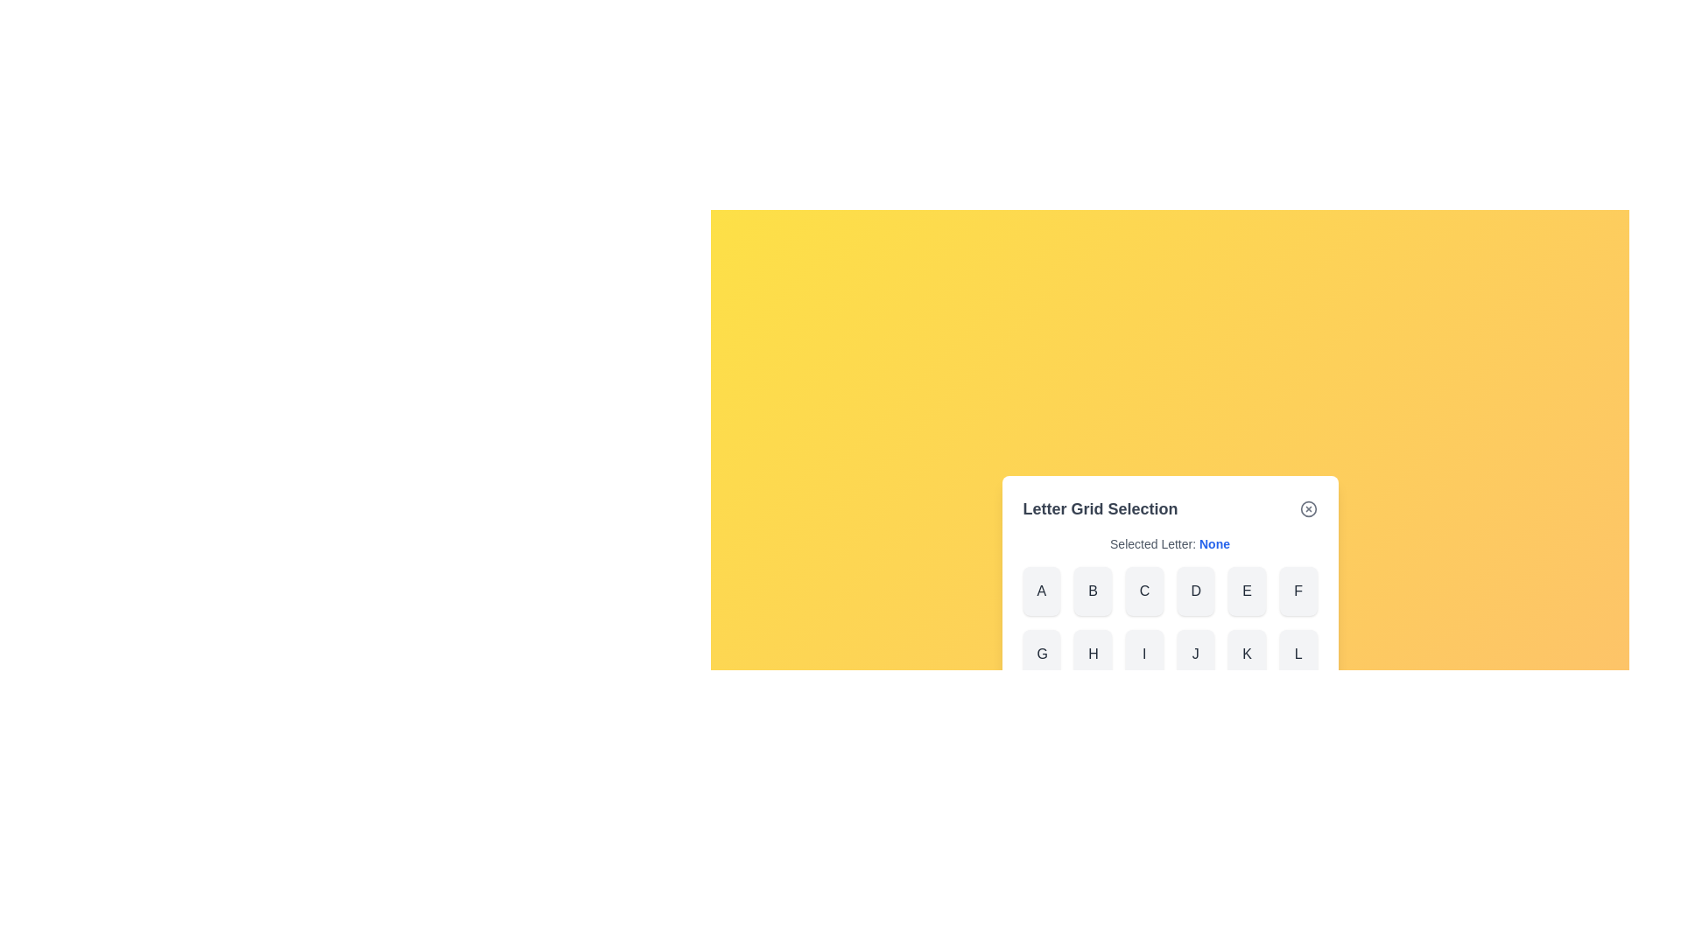 This screenshot has width=1681, height=945. I want to click on the letter F from the grid, so click(1298, 591).